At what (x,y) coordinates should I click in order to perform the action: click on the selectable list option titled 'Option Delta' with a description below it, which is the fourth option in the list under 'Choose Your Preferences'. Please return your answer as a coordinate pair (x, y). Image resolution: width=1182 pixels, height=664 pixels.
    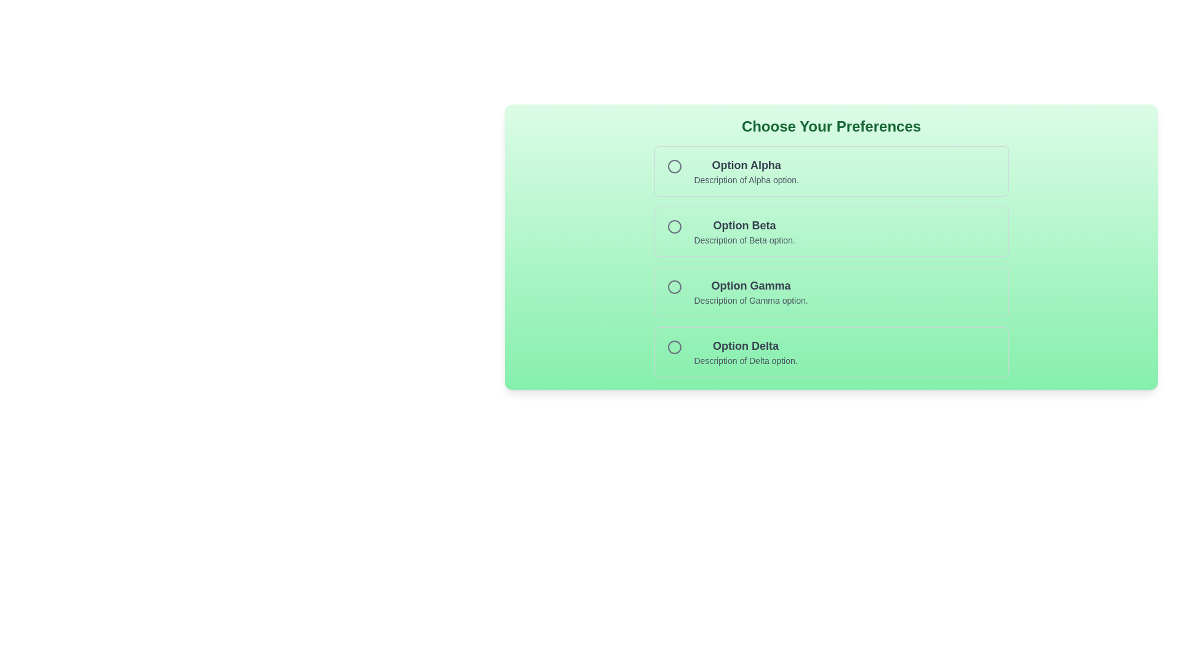
    Looking at the image, I should click on (831, 352).